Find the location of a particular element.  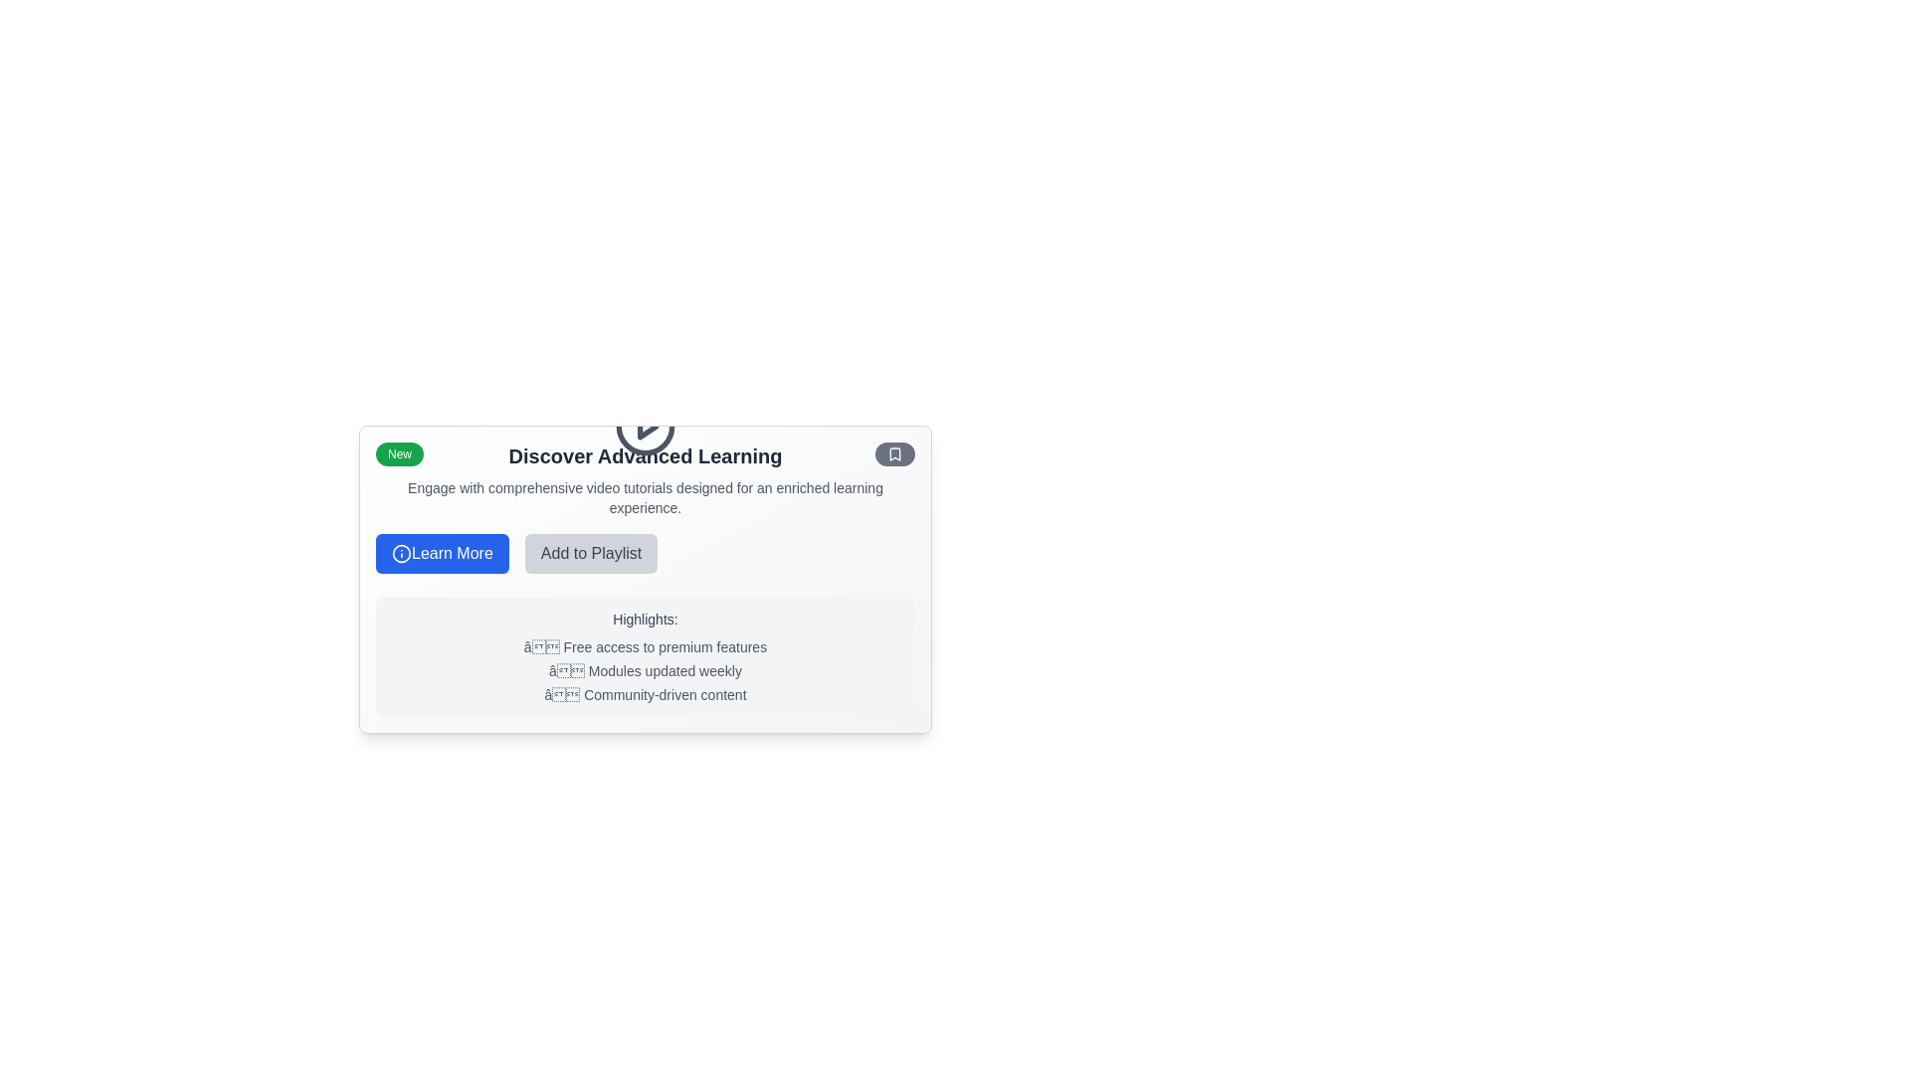

the first informational text item in the 'Highlights:' section via keyboard navigation is located at coordinates (645, 647).